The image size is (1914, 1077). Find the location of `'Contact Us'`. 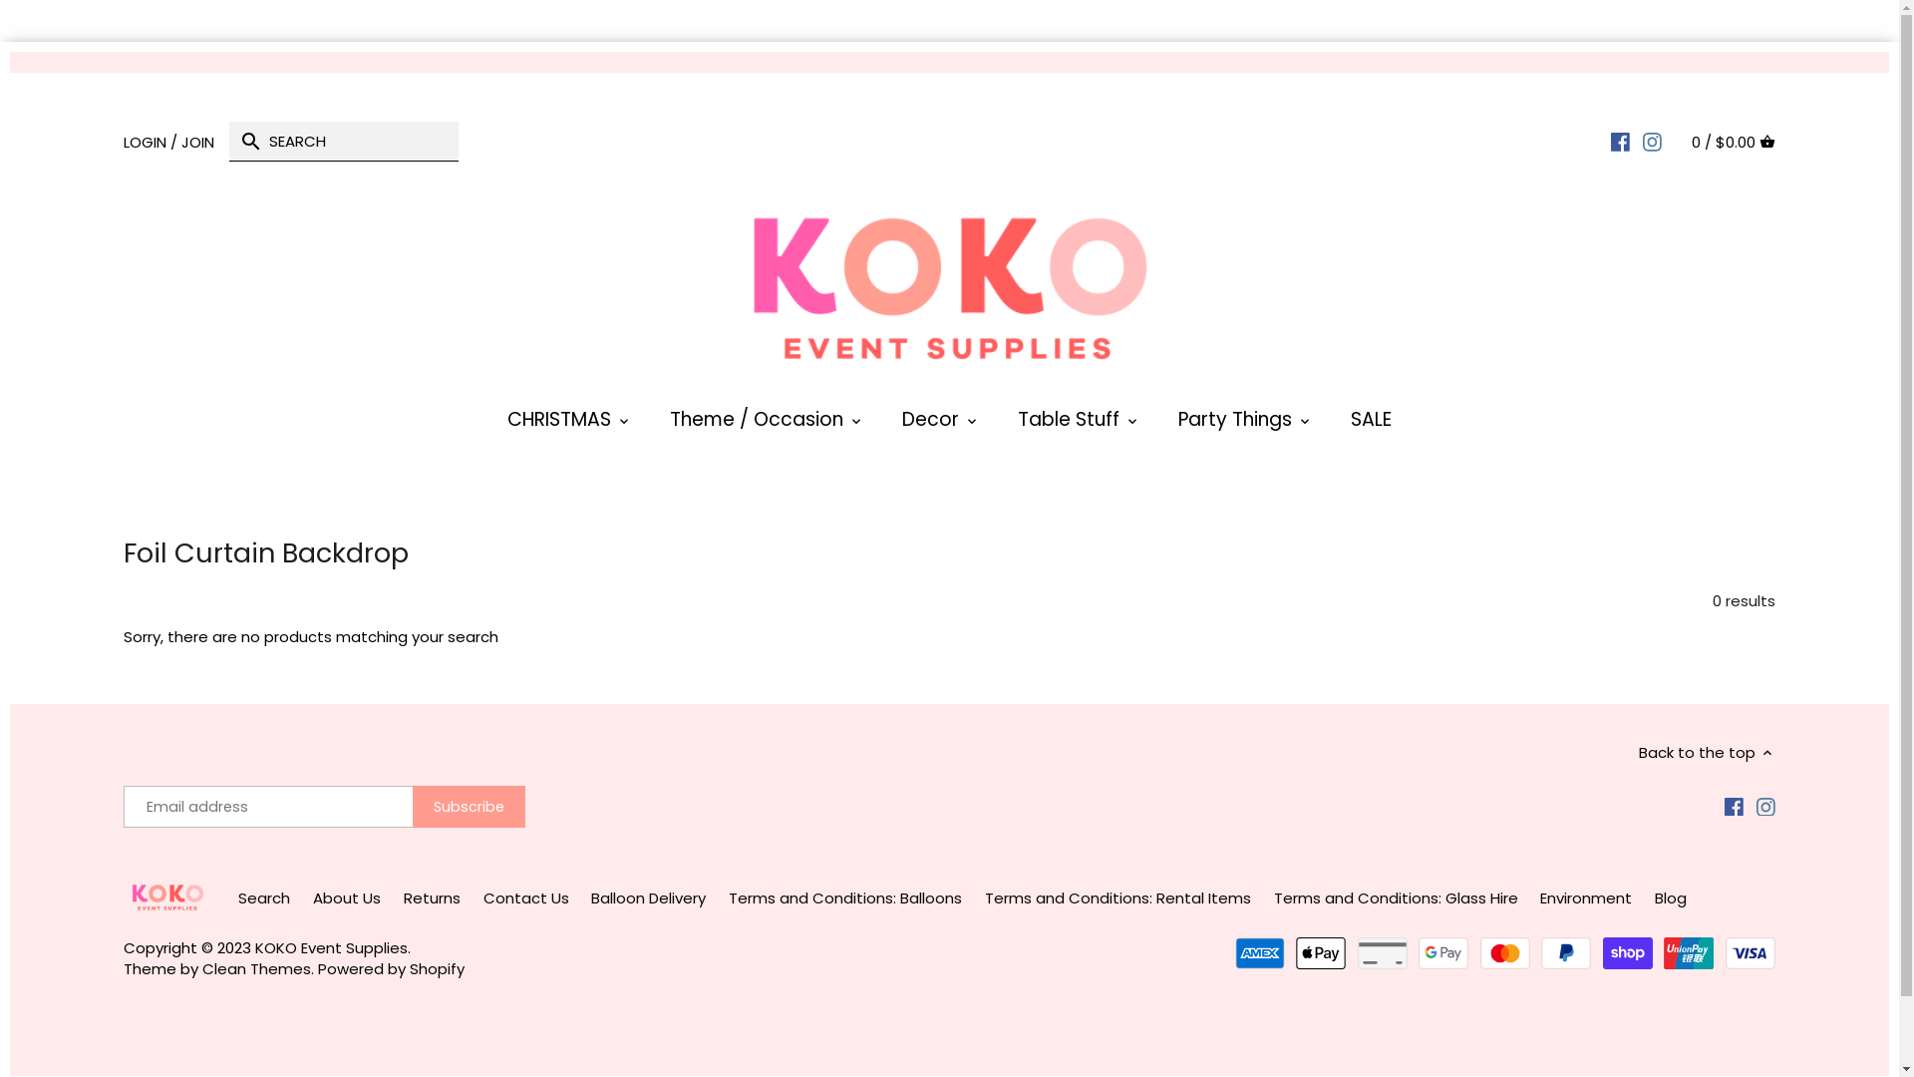

'Contact Us' is located at coordinates (525, 897).